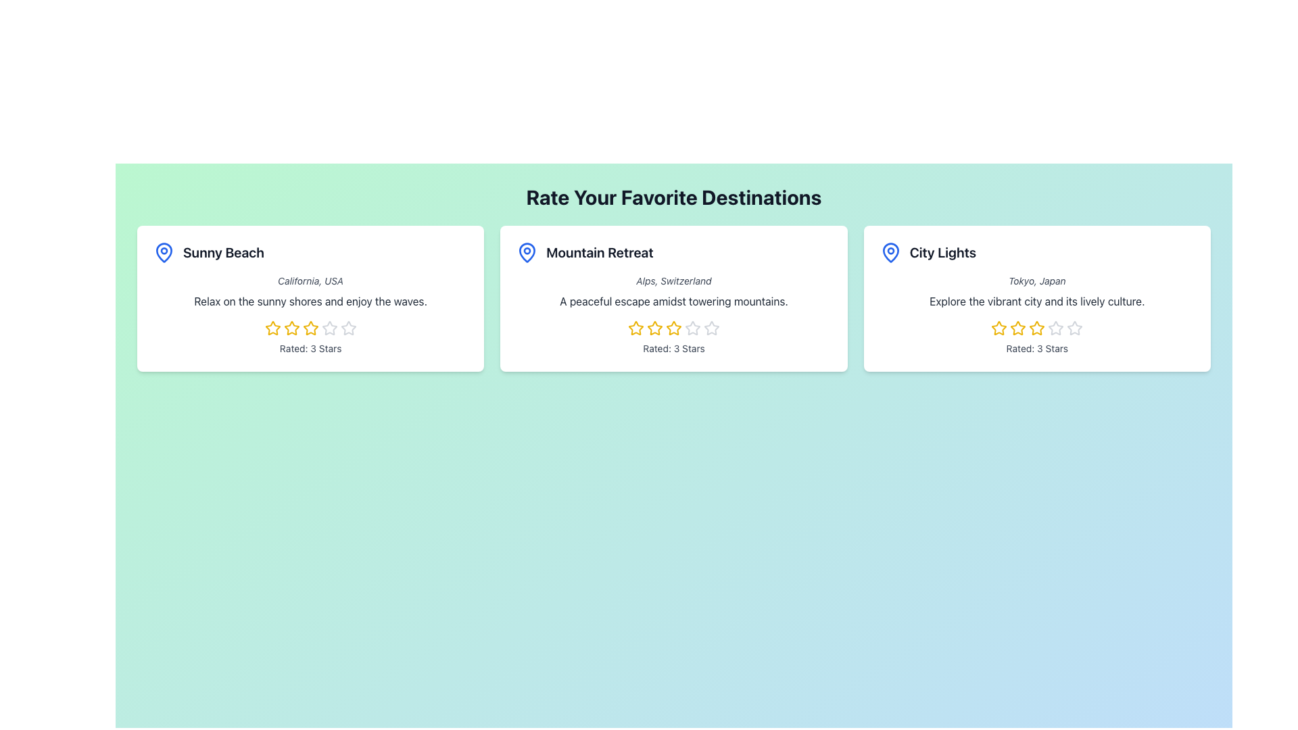  Describe the element at coordinates (890, 253) in the screenshot. I see `the icon resembling a pin or marker with a blue border and white interior, located at the top-left corner of the 'City Lights' card` at that location.